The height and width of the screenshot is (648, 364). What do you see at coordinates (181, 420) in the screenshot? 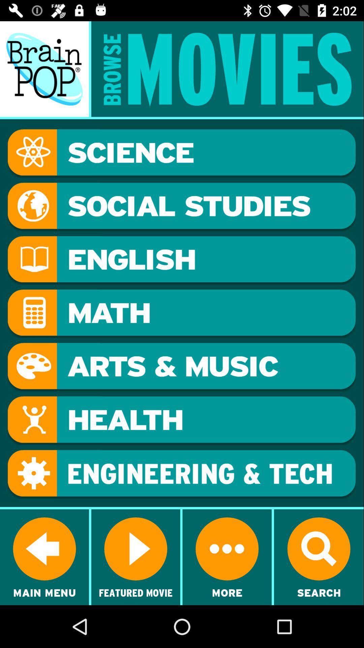
I see `health` at bounding box center [181, 420].